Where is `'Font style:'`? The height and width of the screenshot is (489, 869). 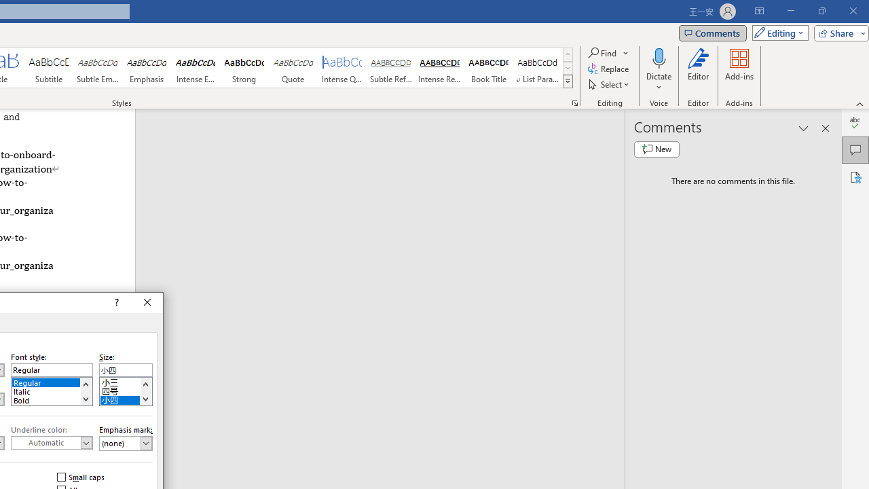 'Font style:' is located at coordinates (52, 370).